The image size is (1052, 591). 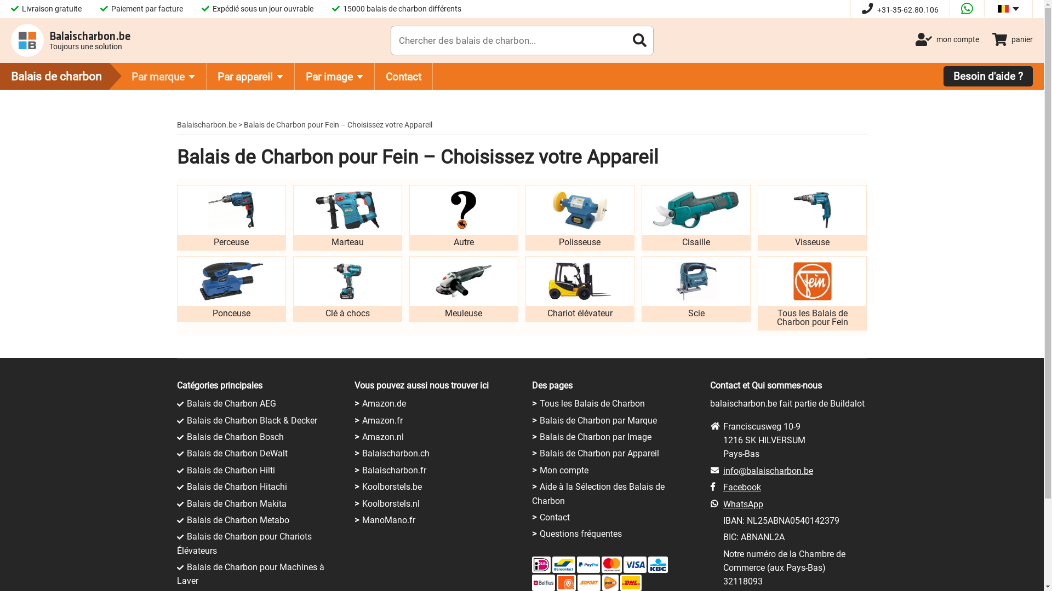 I want to click on 'Scie', so click(x=642, y=288).